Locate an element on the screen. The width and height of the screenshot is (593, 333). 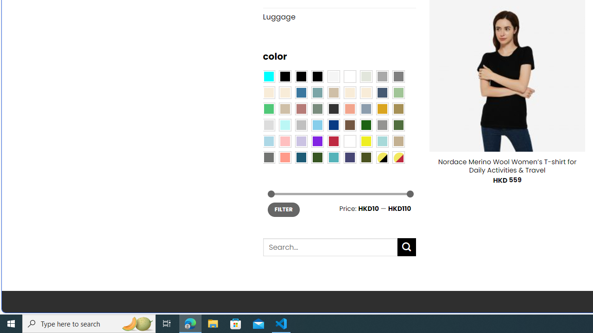
'Rose' is located at coordinates (301, 108).